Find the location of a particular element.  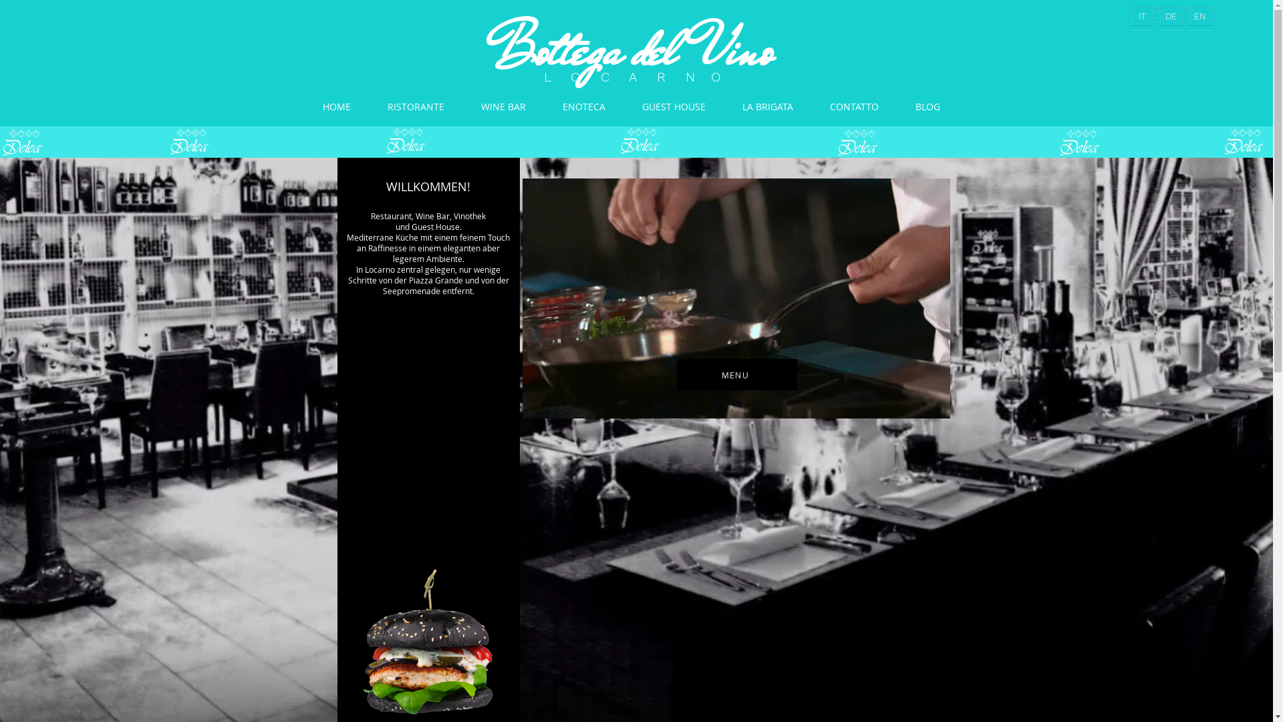

'GUEST HOUSE' is located at coordinates (623, 106).